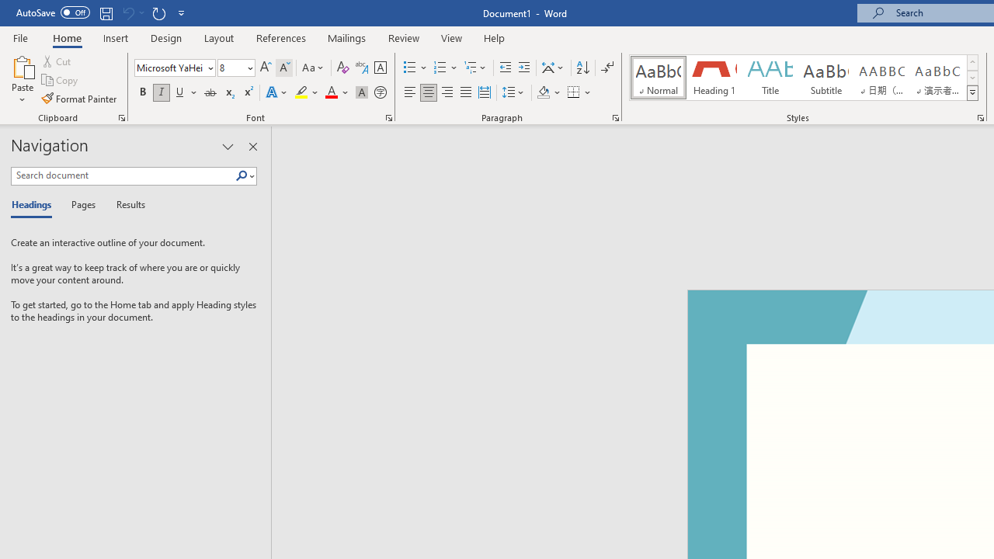 This screenshot has width=994, height=559. I want to click on 'Quick Access Toolbar', so click(101, 12).